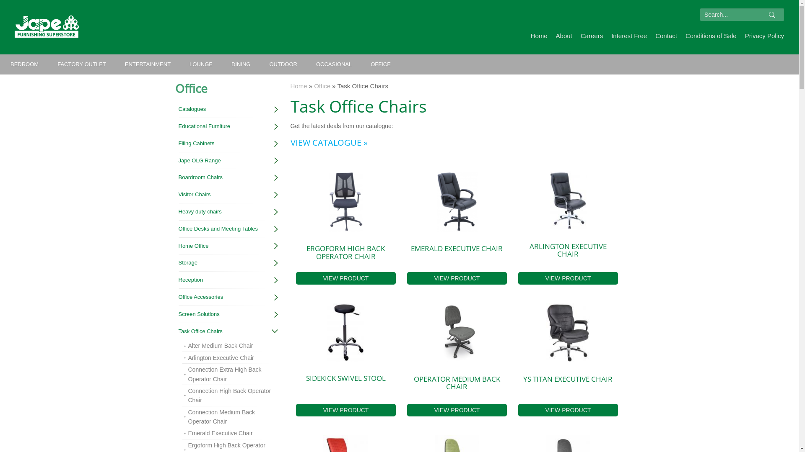  I want to click on 'Boardroom Chairs', so click(228, 177).